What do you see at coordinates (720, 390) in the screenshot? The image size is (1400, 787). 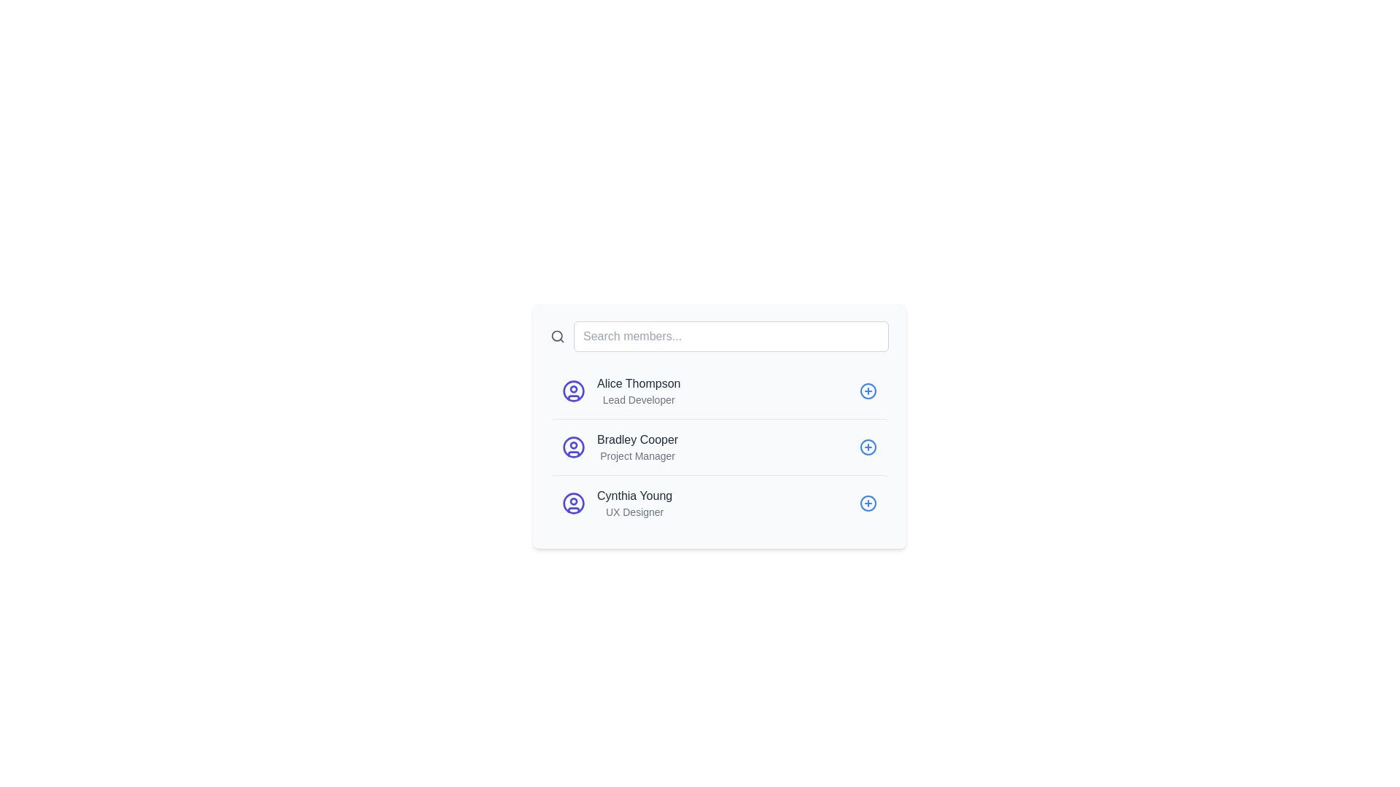 I see `the first user profile item in the vertical list` at bounding box center [720, 390].